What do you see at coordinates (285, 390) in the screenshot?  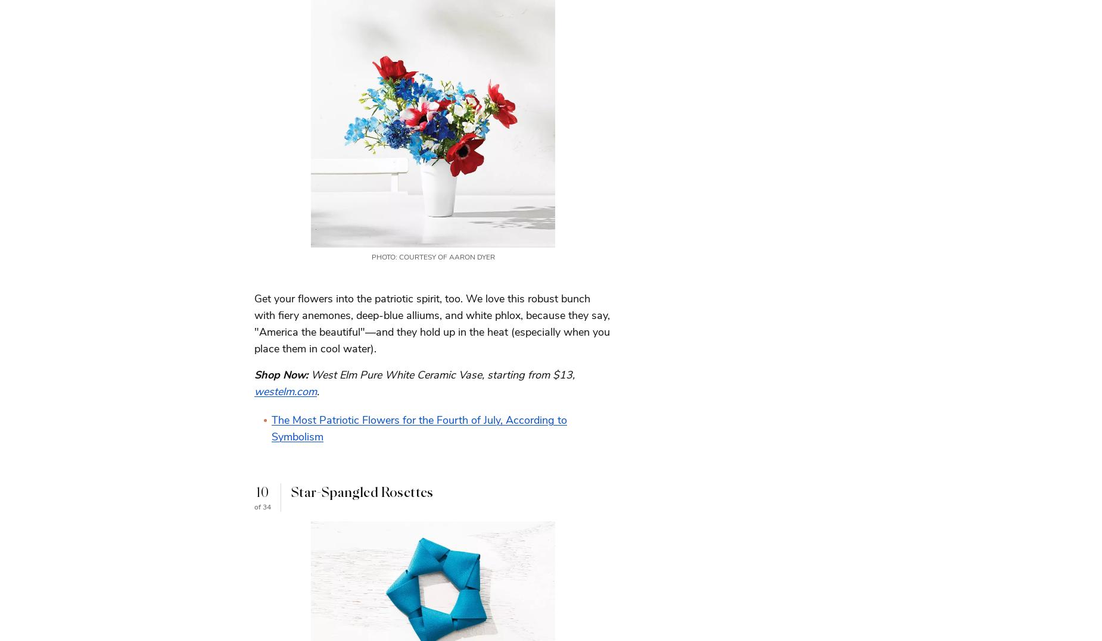 I see `'westelm.com'` at bounding box center [285, 390].